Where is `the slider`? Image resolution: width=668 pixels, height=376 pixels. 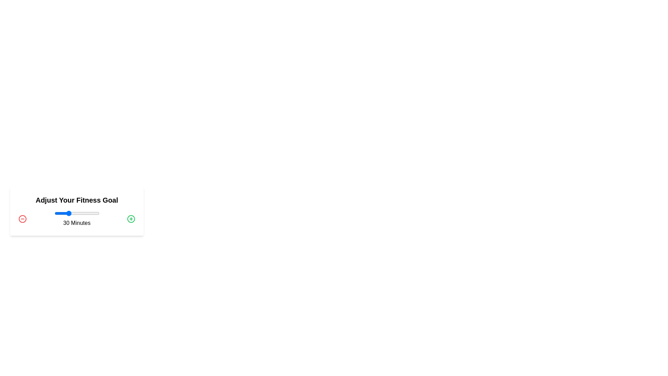
the slider is located at coordinates (87, 213).